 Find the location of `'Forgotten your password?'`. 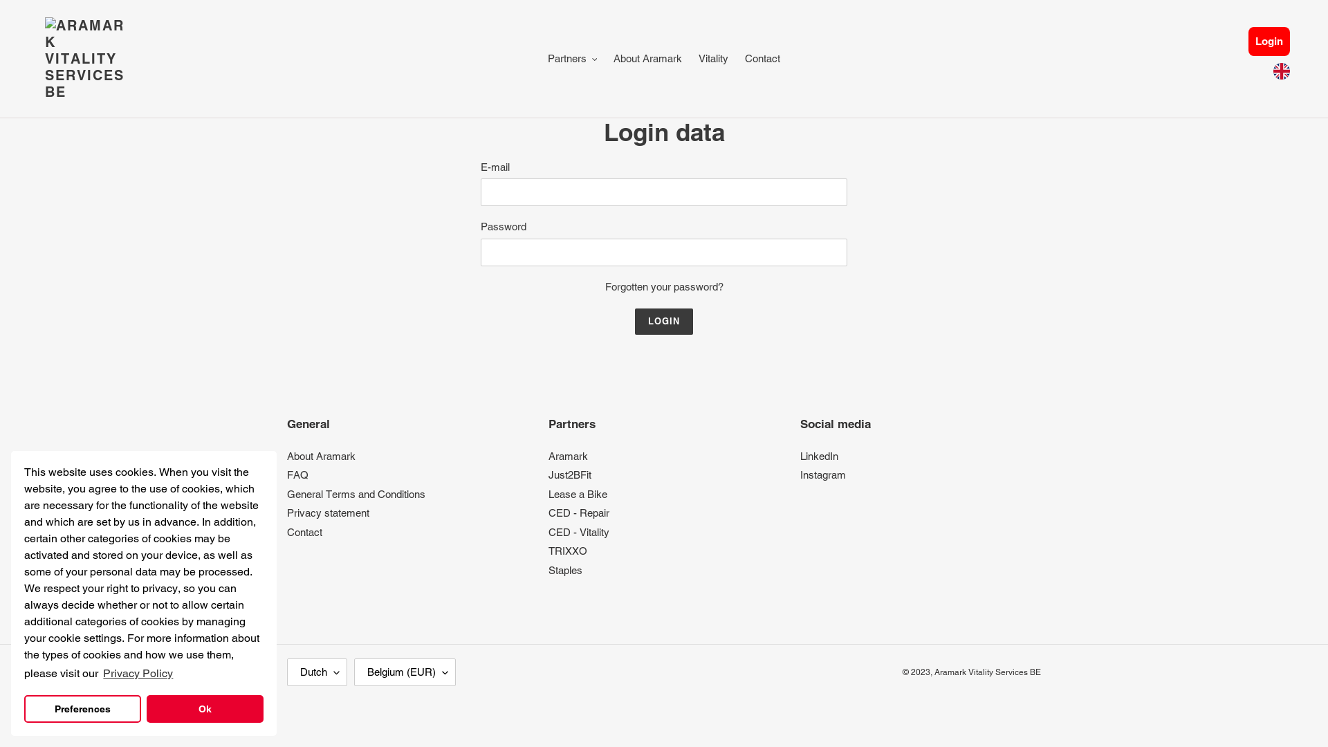

'Forgotten your password?' is located at coordinates (663, 286).